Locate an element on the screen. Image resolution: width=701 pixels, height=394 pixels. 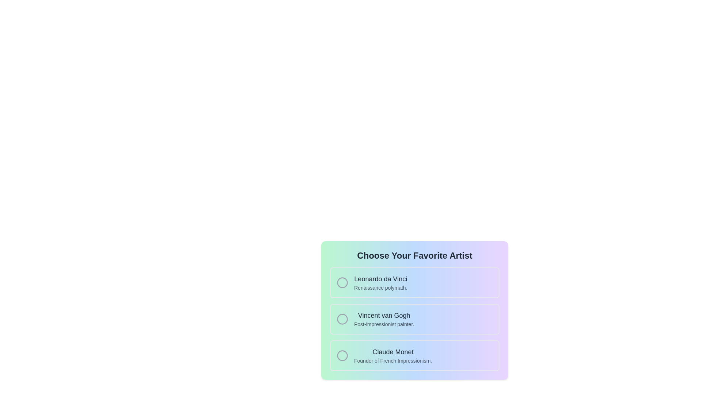
the Static Text Label indicating the name of the artist, Vincent van Gogh, which is the second option in a list of selectable items below 'Choose Your Favorite Artist' and above 'Claude Monet' is located at coordinates (384, 315).